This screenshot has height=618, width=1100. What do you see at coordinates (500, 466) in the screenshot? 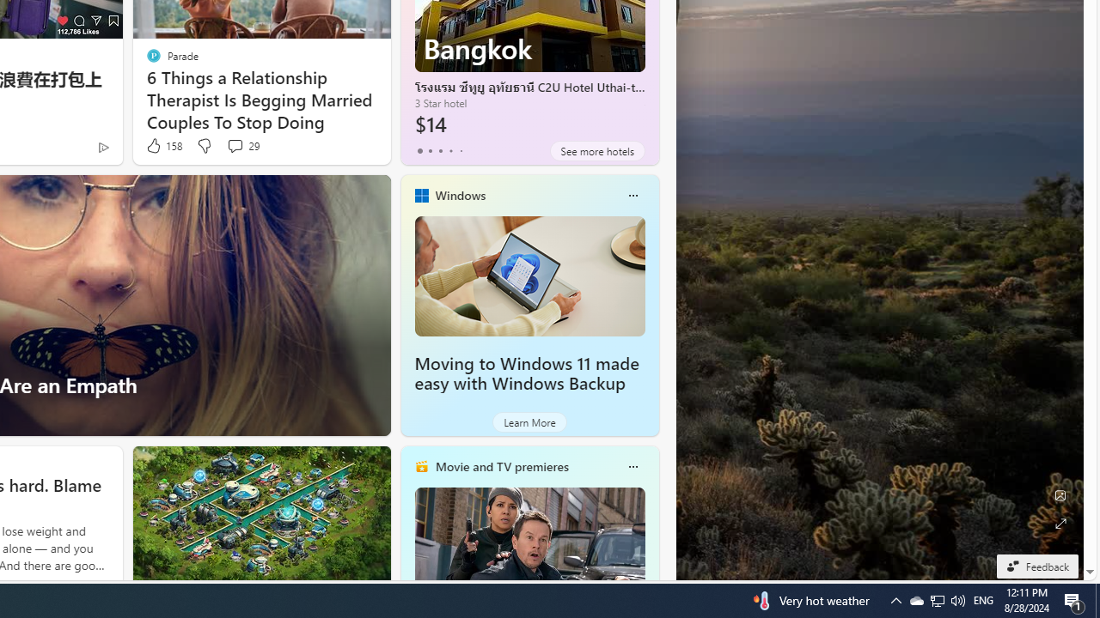
I see `'Movie and TV premieres'` at bounding box center [500, 466].